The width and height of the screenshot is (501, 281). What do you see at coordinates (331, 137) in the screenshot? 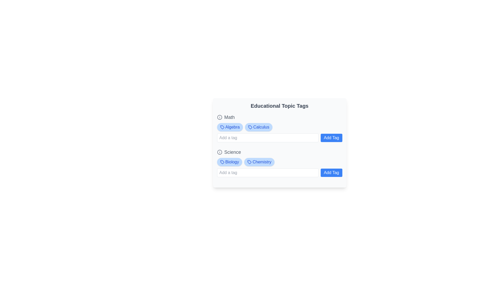
I see `the button located in the 'Math' category section, which is used to add a tag specified in the adjacent input field` at bounding box center [331, 137].